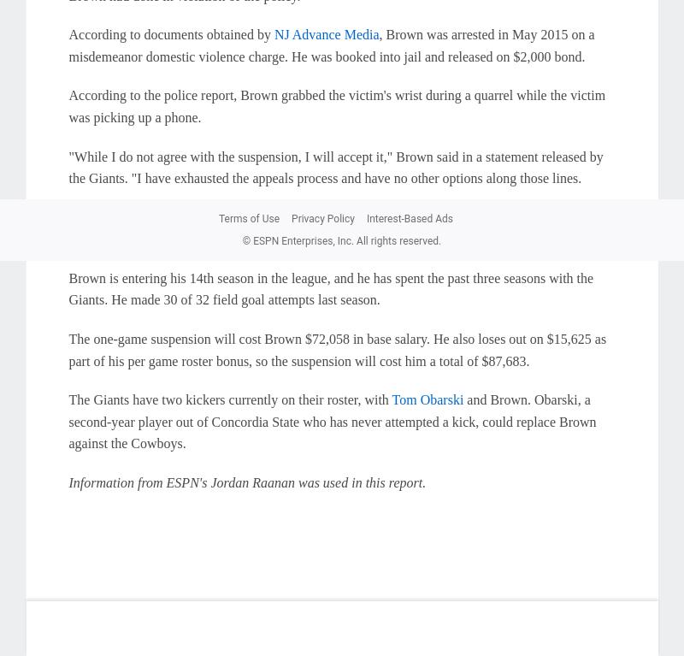 This screenshot has width=684, height=656. I want to click on 'The Giants have two kickers currently on their roster, with', so click(229, 399).